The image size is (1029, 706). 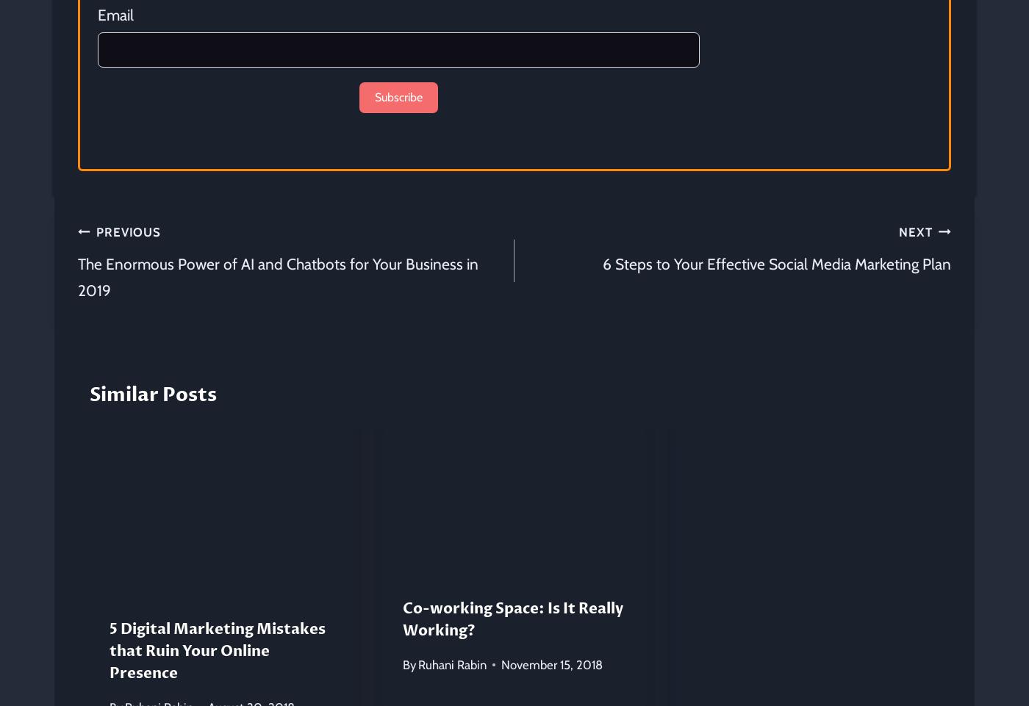 I want to click on '6 Steps to Your Effective Social Media Marketing Plan', so click(x=777, y=263).